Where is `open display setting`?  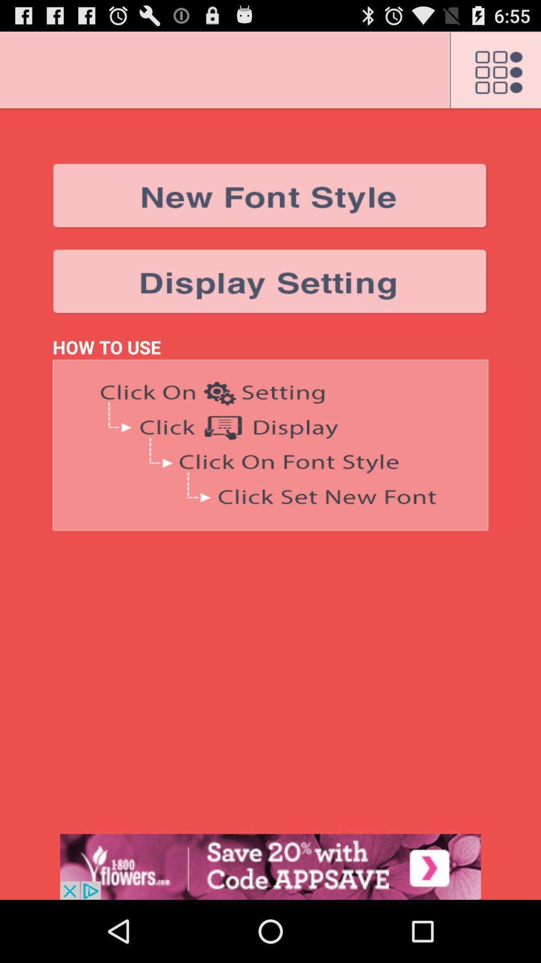 open display setting is located at coordinates (270, 281).